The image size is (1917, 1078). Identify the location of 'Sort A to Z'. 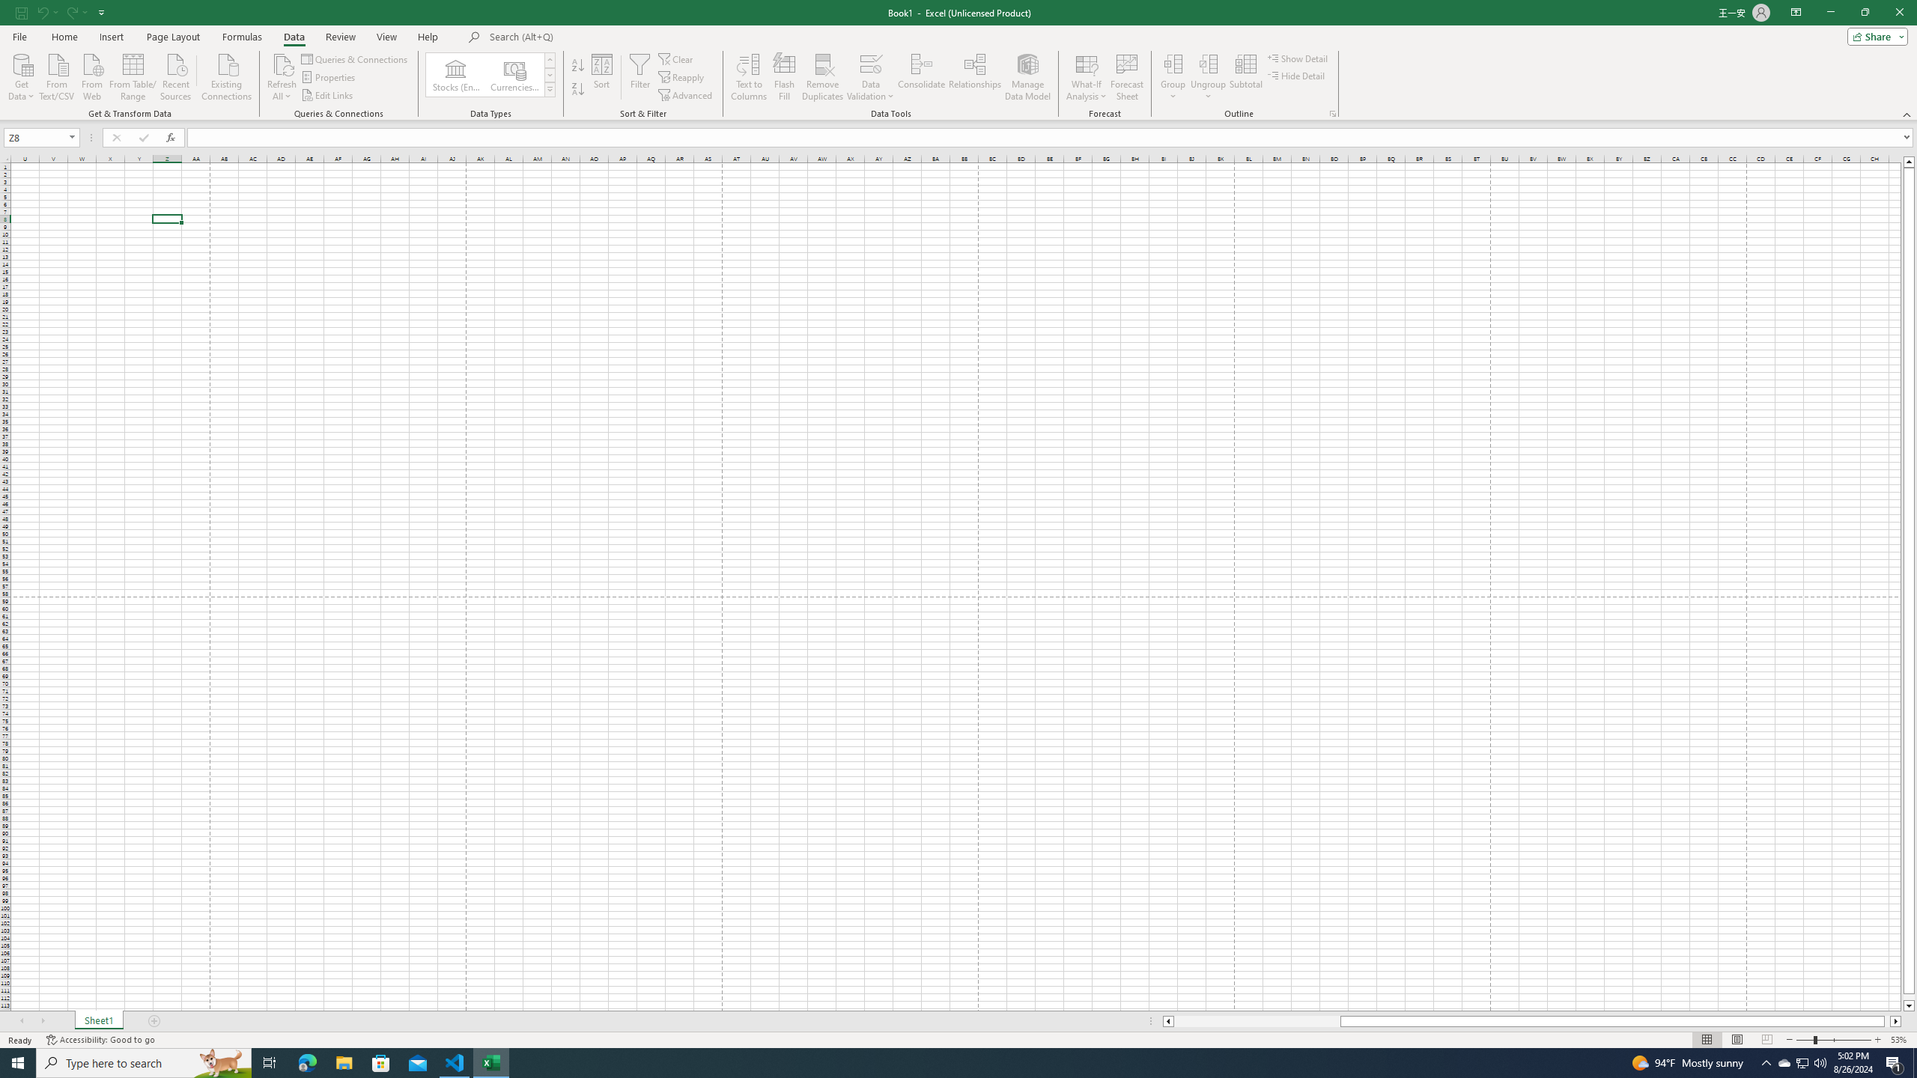
(577, 65).